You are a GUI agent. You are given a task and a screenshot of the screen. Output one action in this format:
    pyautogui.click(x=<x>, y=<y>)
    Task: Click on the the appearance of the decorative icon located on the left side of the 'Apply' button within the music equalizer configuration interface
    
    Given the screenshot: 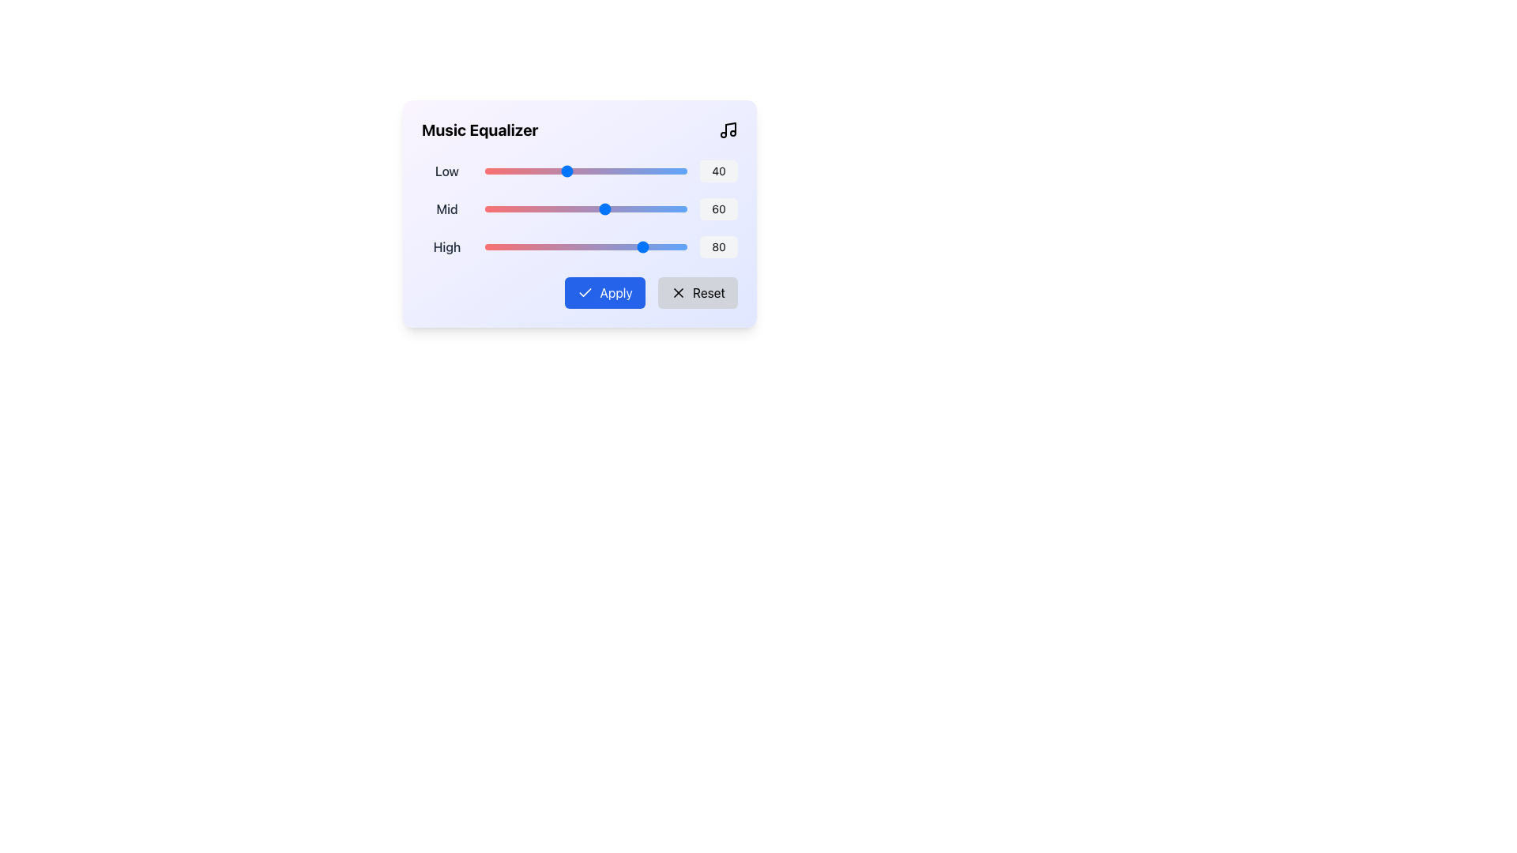 What is the action you would take?
    pyautogui.click(x=585, y=292)
    